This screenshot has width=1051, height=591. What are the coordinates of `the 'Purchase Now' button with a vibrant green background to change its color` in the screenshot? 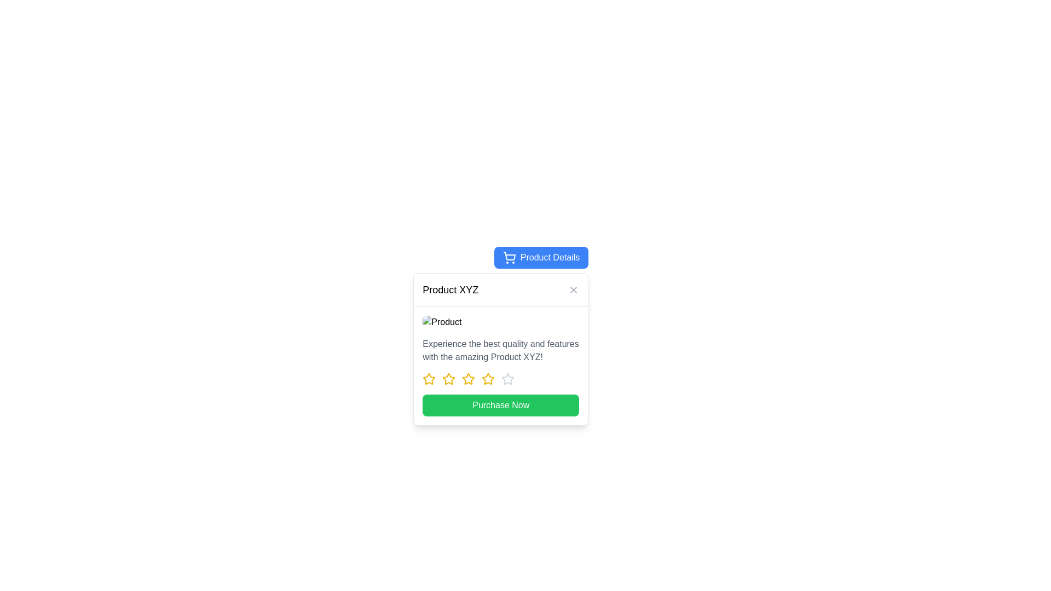 It's located at (500, 405).